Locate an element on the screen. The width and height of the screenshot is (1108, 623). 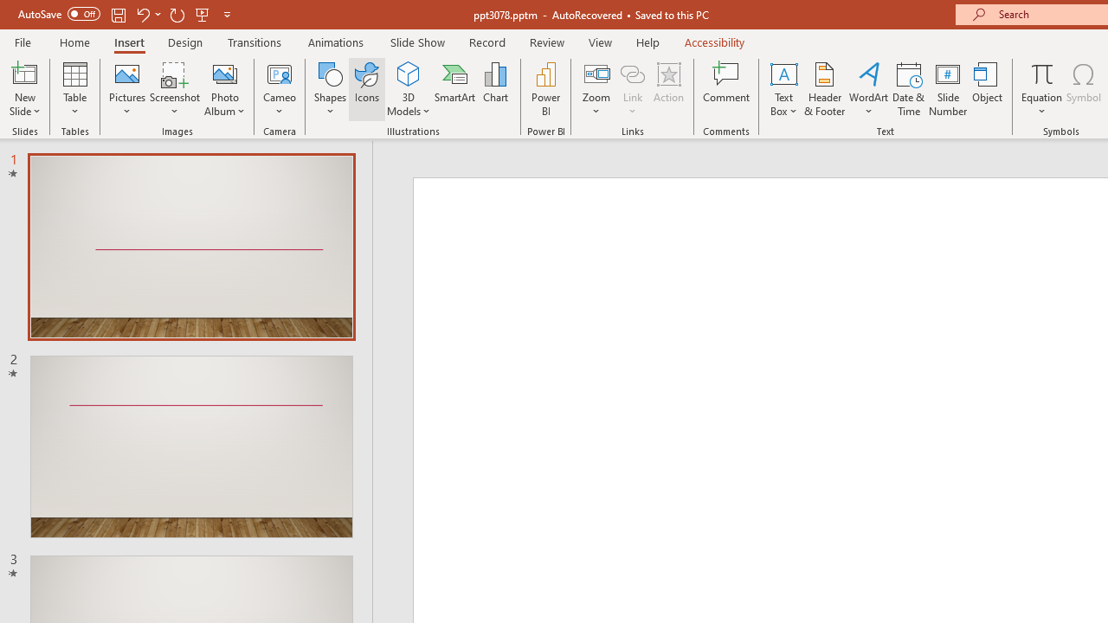
'Object...' is located at coordinates (988, 89).